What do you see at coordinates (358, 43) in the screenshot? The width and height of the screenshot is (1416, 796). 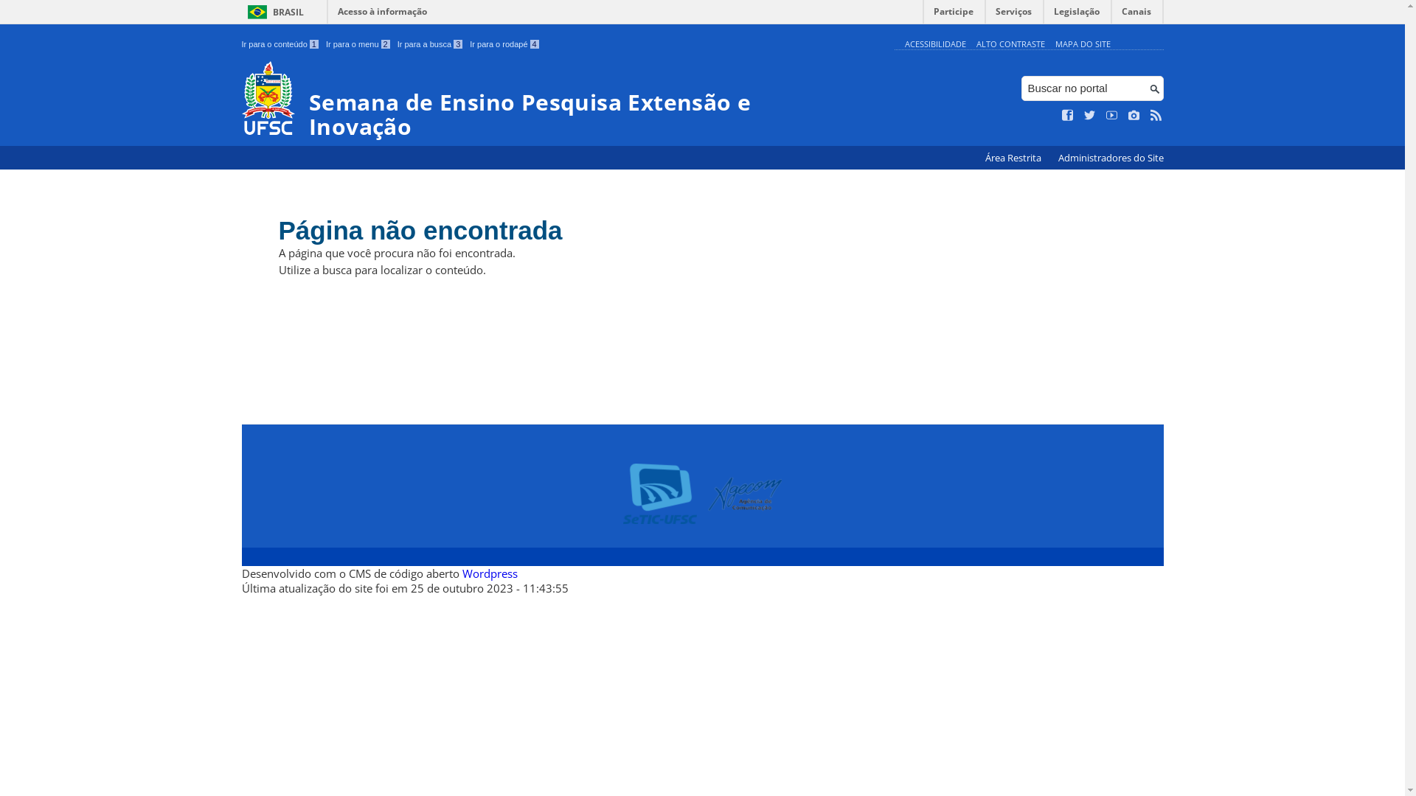 I see `'Ir para o menu 2'` at bounding box center [358, 43].